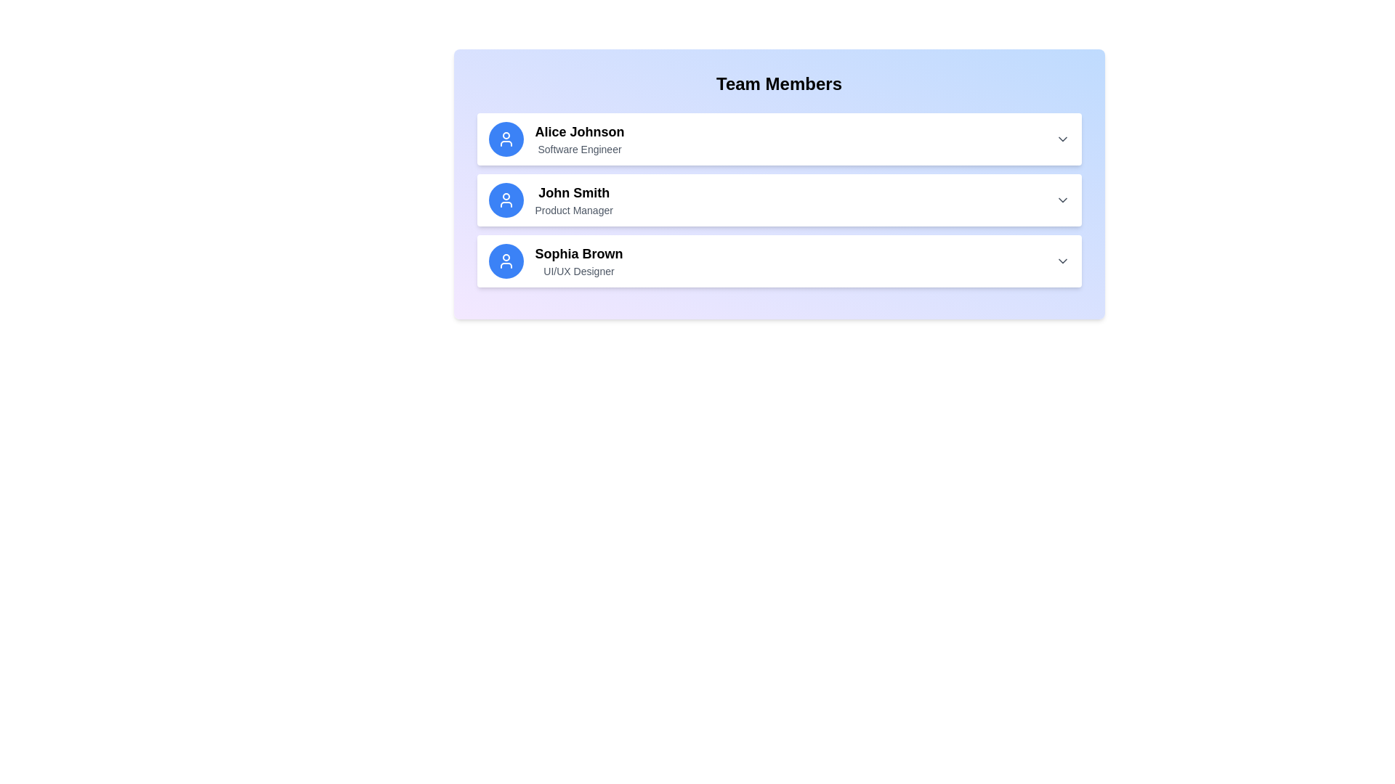  Describe the element at coordinates (578, 149) in the screenshot. I see `the text label that displays 'Software Engineer', which is styled in gray and positioned immediately below 'Alice Johnson' in the team member list` at that location.